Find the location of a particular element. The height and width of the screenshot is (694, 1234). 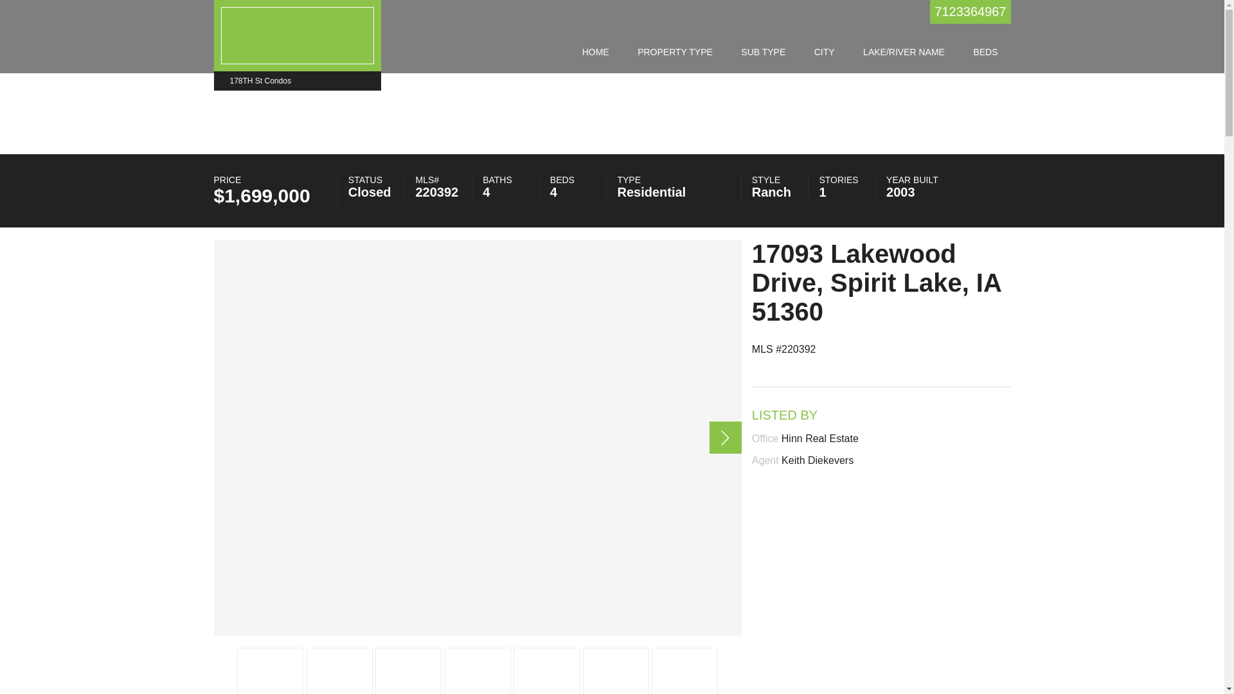

'Next item in carousel (2 of 73)' is located at coordinates (725, 437).